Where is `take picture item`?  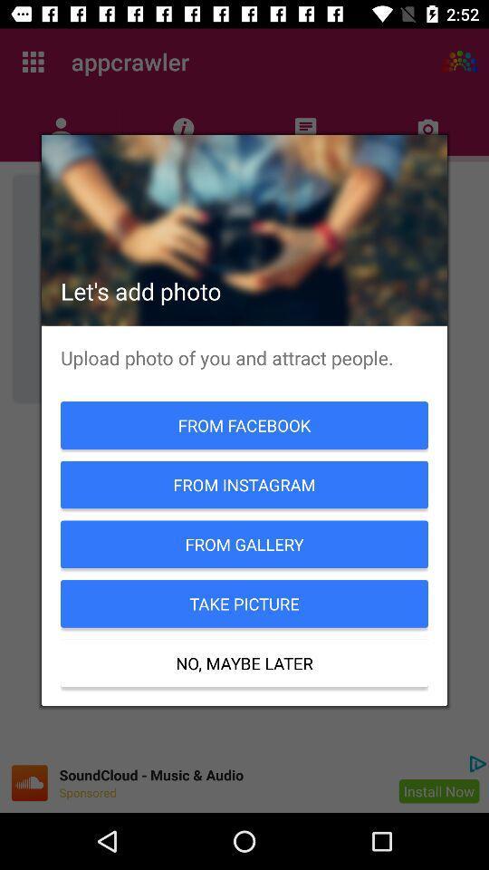
take picture item is located at coordinates (244, 604).